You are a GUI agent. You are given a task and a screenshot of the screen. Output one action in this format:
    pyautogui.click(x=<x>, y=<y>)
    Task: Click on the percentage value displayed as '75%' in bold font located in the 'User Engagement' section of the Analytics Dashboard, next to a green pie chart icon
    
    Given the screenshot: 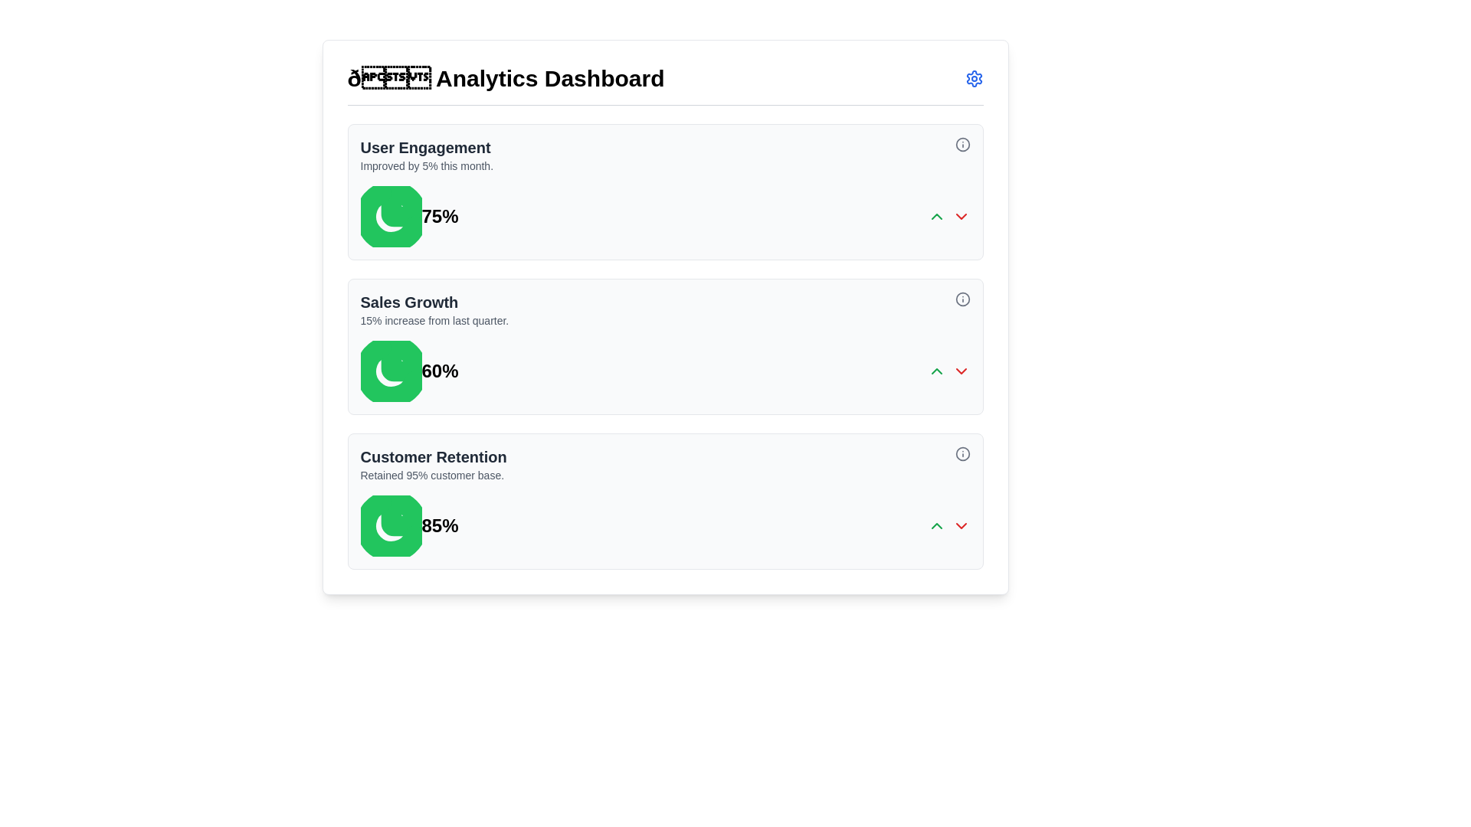 What is the action you would take?
    pyautogui.click(x=439, y=216)
    